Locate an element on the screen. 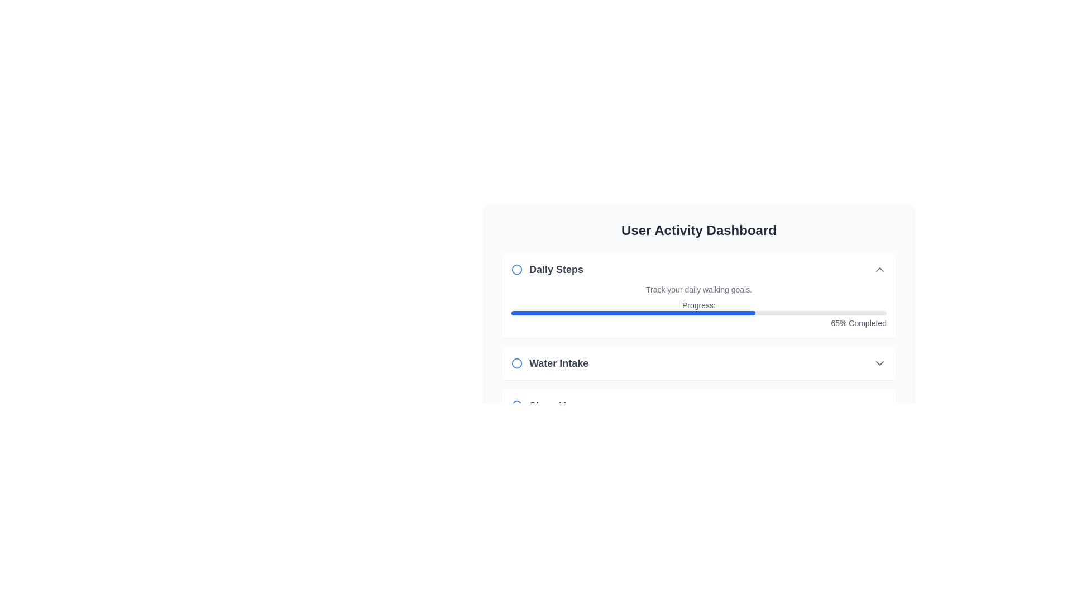 Image resolution: width=1072 pixels, height=603 pixels. the circular icon with a blue border located in the third section of the 'User Activity Dashboard', to the left of the 'Sleep Hours' text label is located at coordinates (516, 405).